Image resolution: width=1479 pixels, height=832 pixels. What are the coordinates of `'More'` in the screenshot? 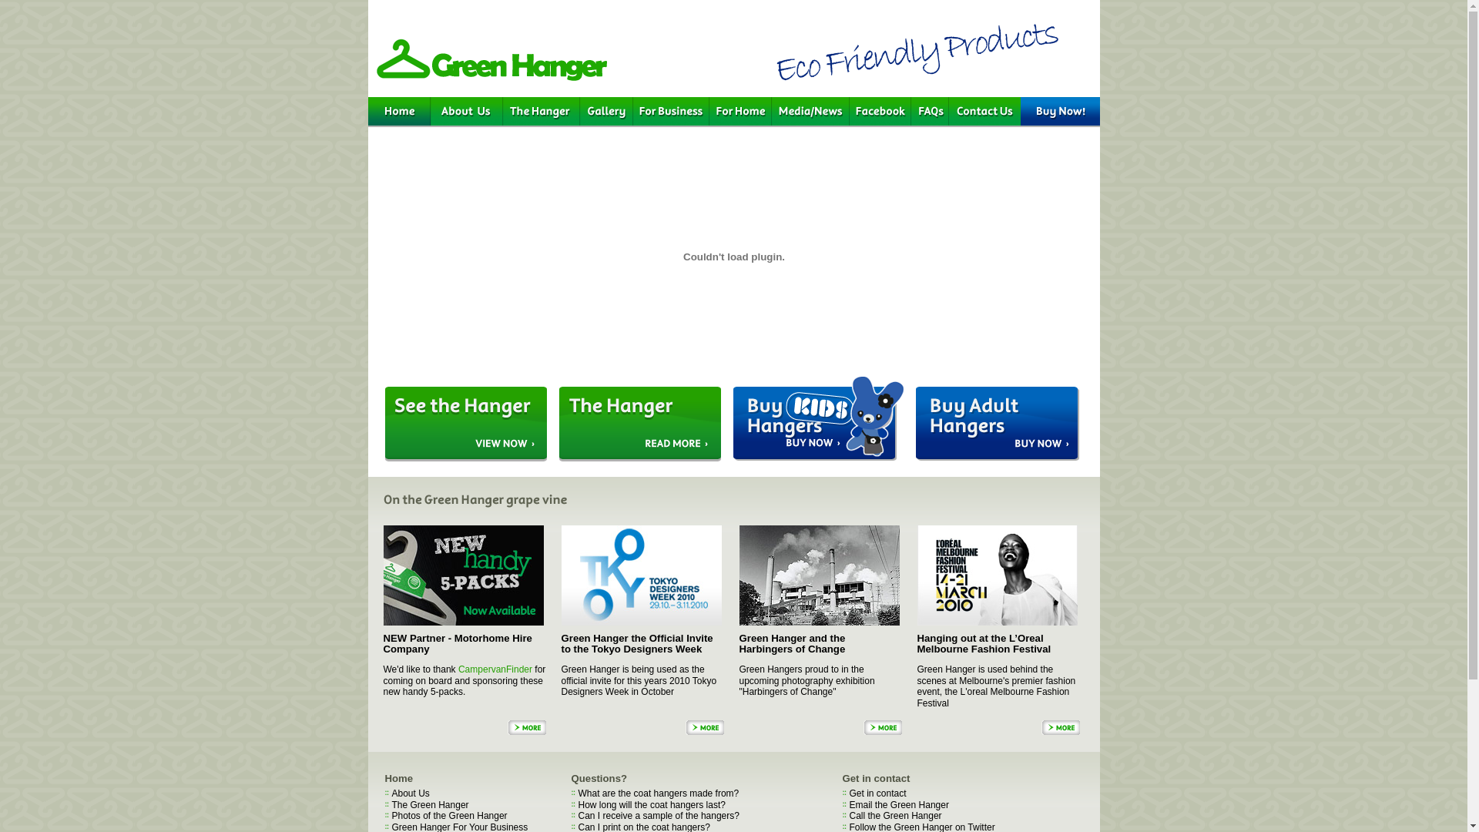 It's located at (684, 727).